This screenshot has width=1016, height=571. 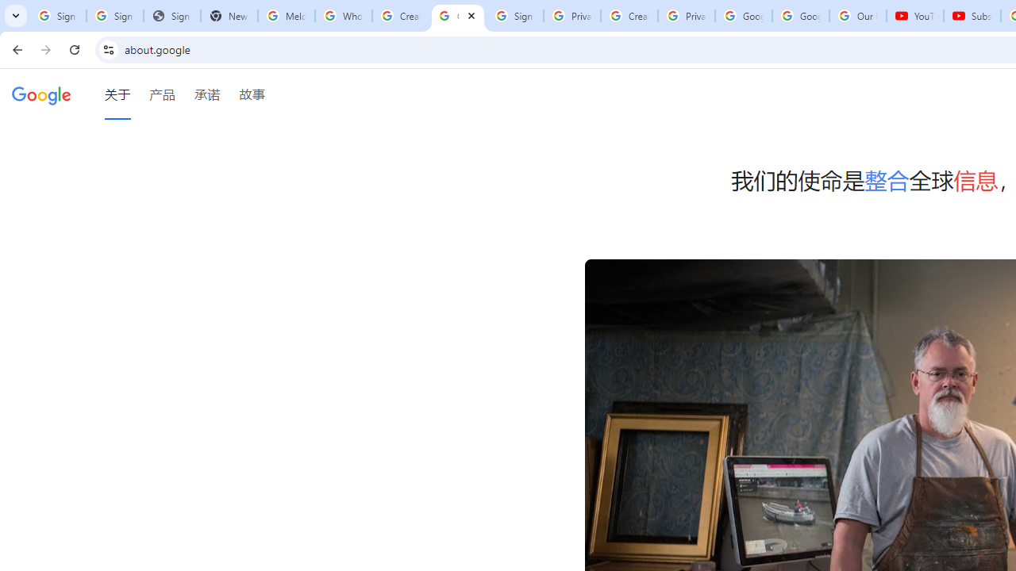 I want to click on 'Search tabs', so click(x=16, y=16).